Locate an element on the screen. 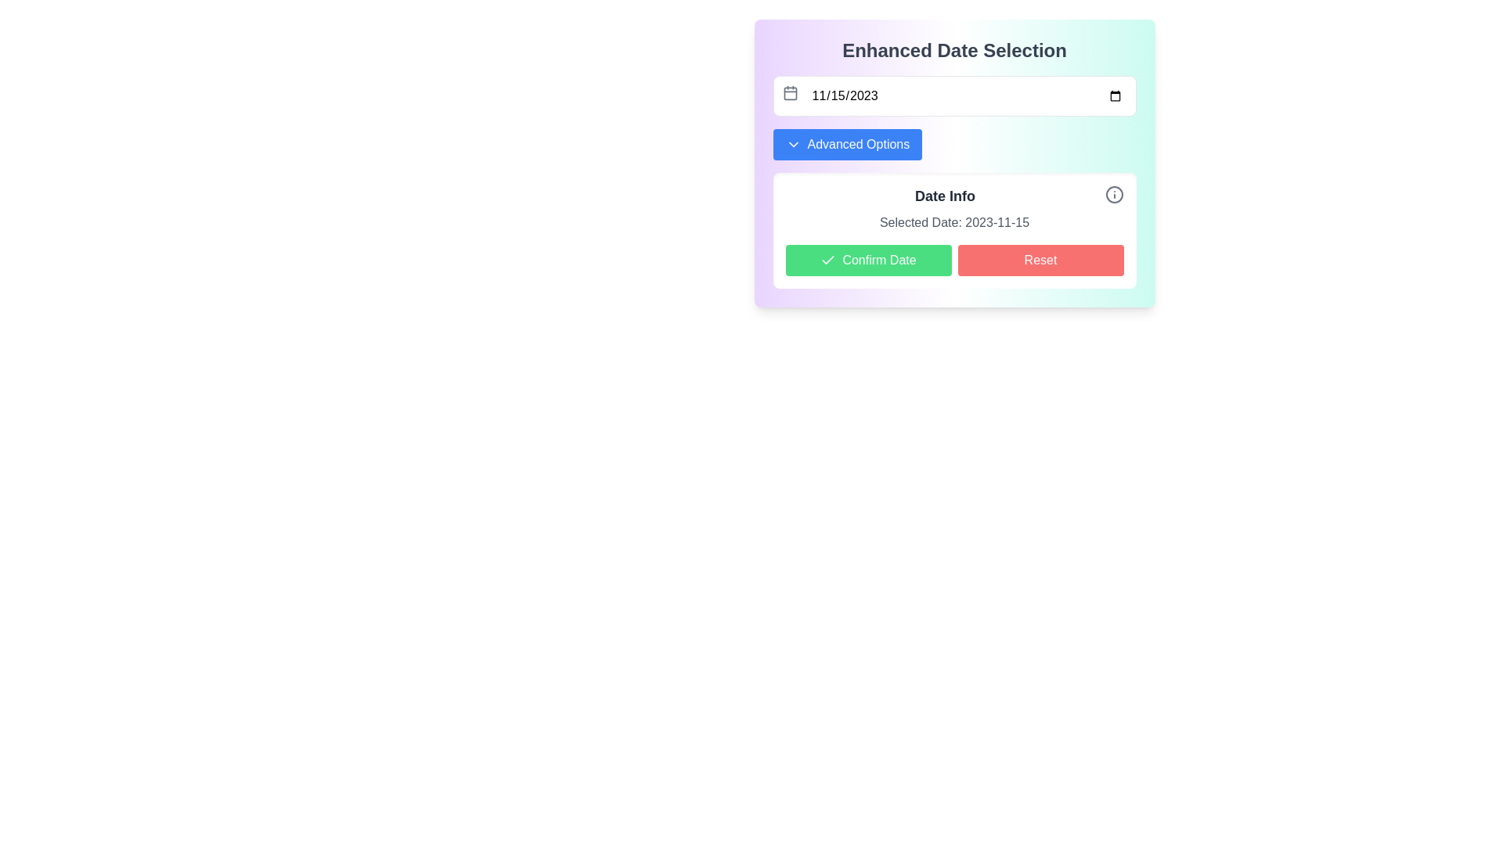 Image resolution: width=1503 pixels, height=845 pixels. the checkmark icon located within the 'Confirm Date' button, positioned to the left side of the centered text is located at coordinates (827, 259).